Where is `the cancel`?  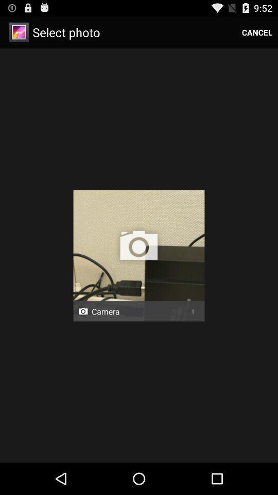
the cancel is located at coordinates (256, 32).